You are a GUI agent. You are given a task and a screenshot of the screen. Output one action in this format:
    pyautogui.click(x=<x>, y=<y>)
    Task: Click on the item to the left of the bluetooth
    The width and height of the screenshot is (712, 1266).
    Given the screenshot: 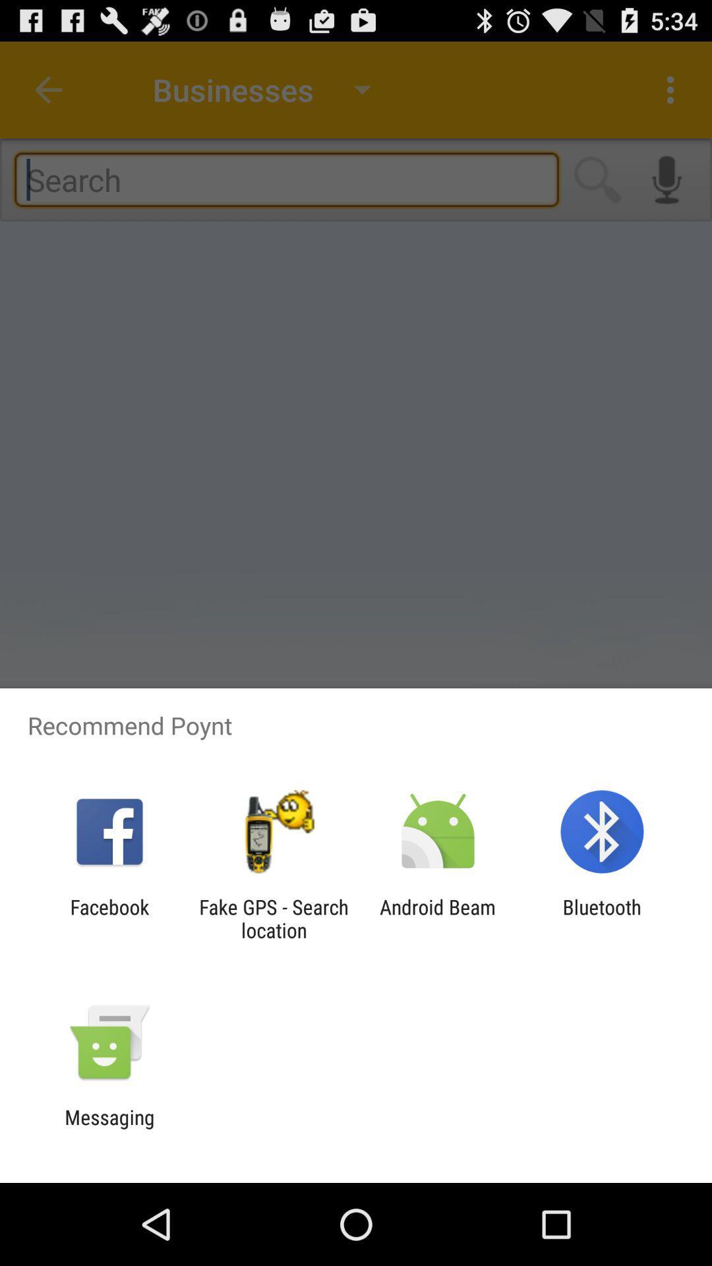 What is the action you would take?
    pyautogui.click(x=438, y=918)
    